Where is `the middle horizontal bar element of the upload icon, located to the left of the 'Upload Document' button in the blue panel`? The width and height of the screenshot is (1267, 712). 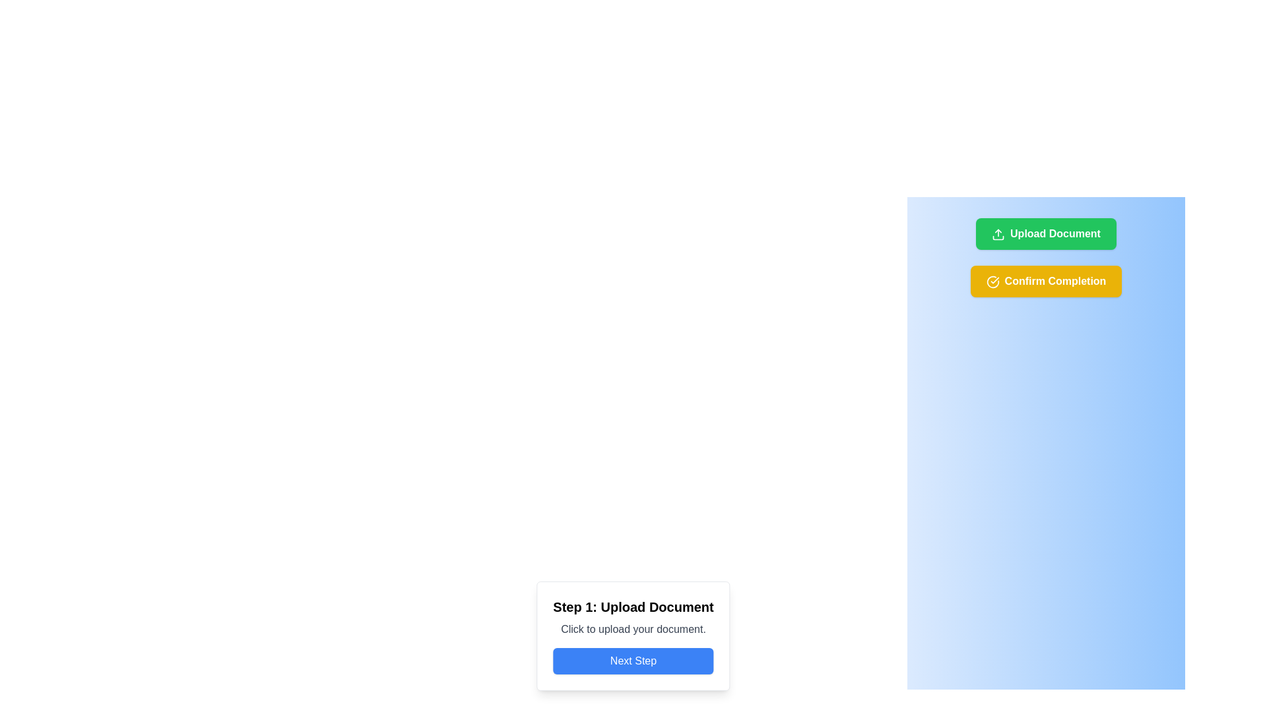
the middle horizontal bar element of the upload icon, located to the left of the 'Upload Document' button in the blue panel is located at coordinates (998, 237).